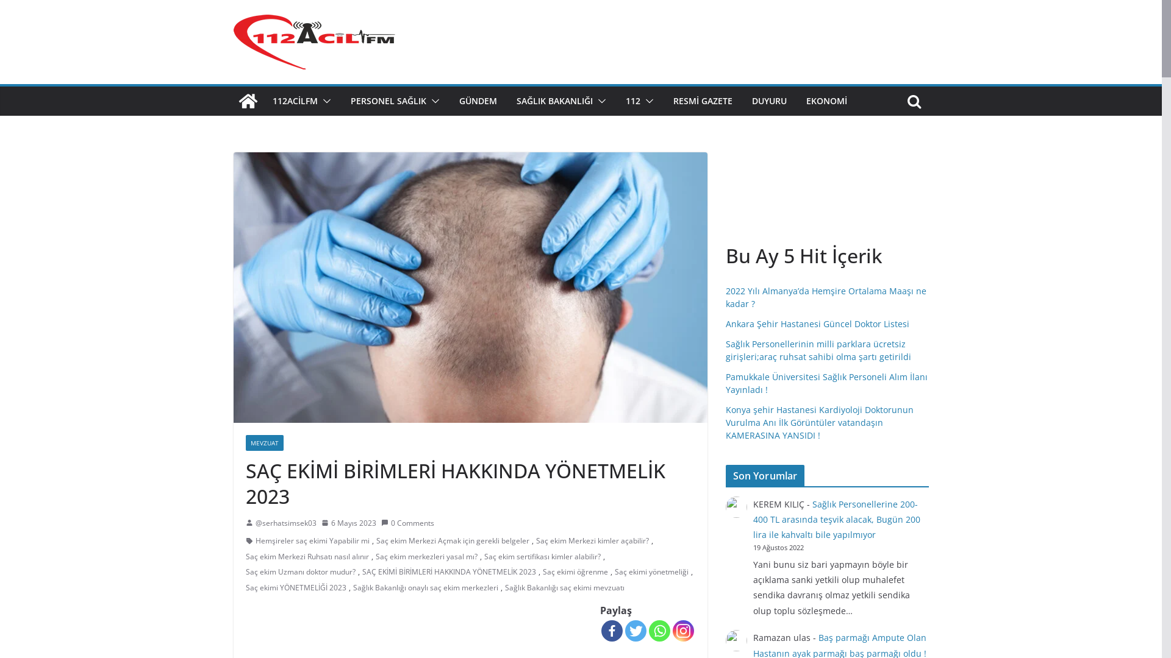 The width and height of the screenshot is (1171, 658). Describe the element at coordinates (632, 100) in the screenshot. I see `'112'` at that location.